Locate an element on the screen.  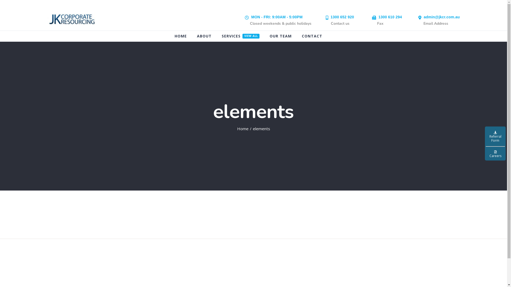
'admin@jkcr.com.au' is located at coordinates (423, 17).